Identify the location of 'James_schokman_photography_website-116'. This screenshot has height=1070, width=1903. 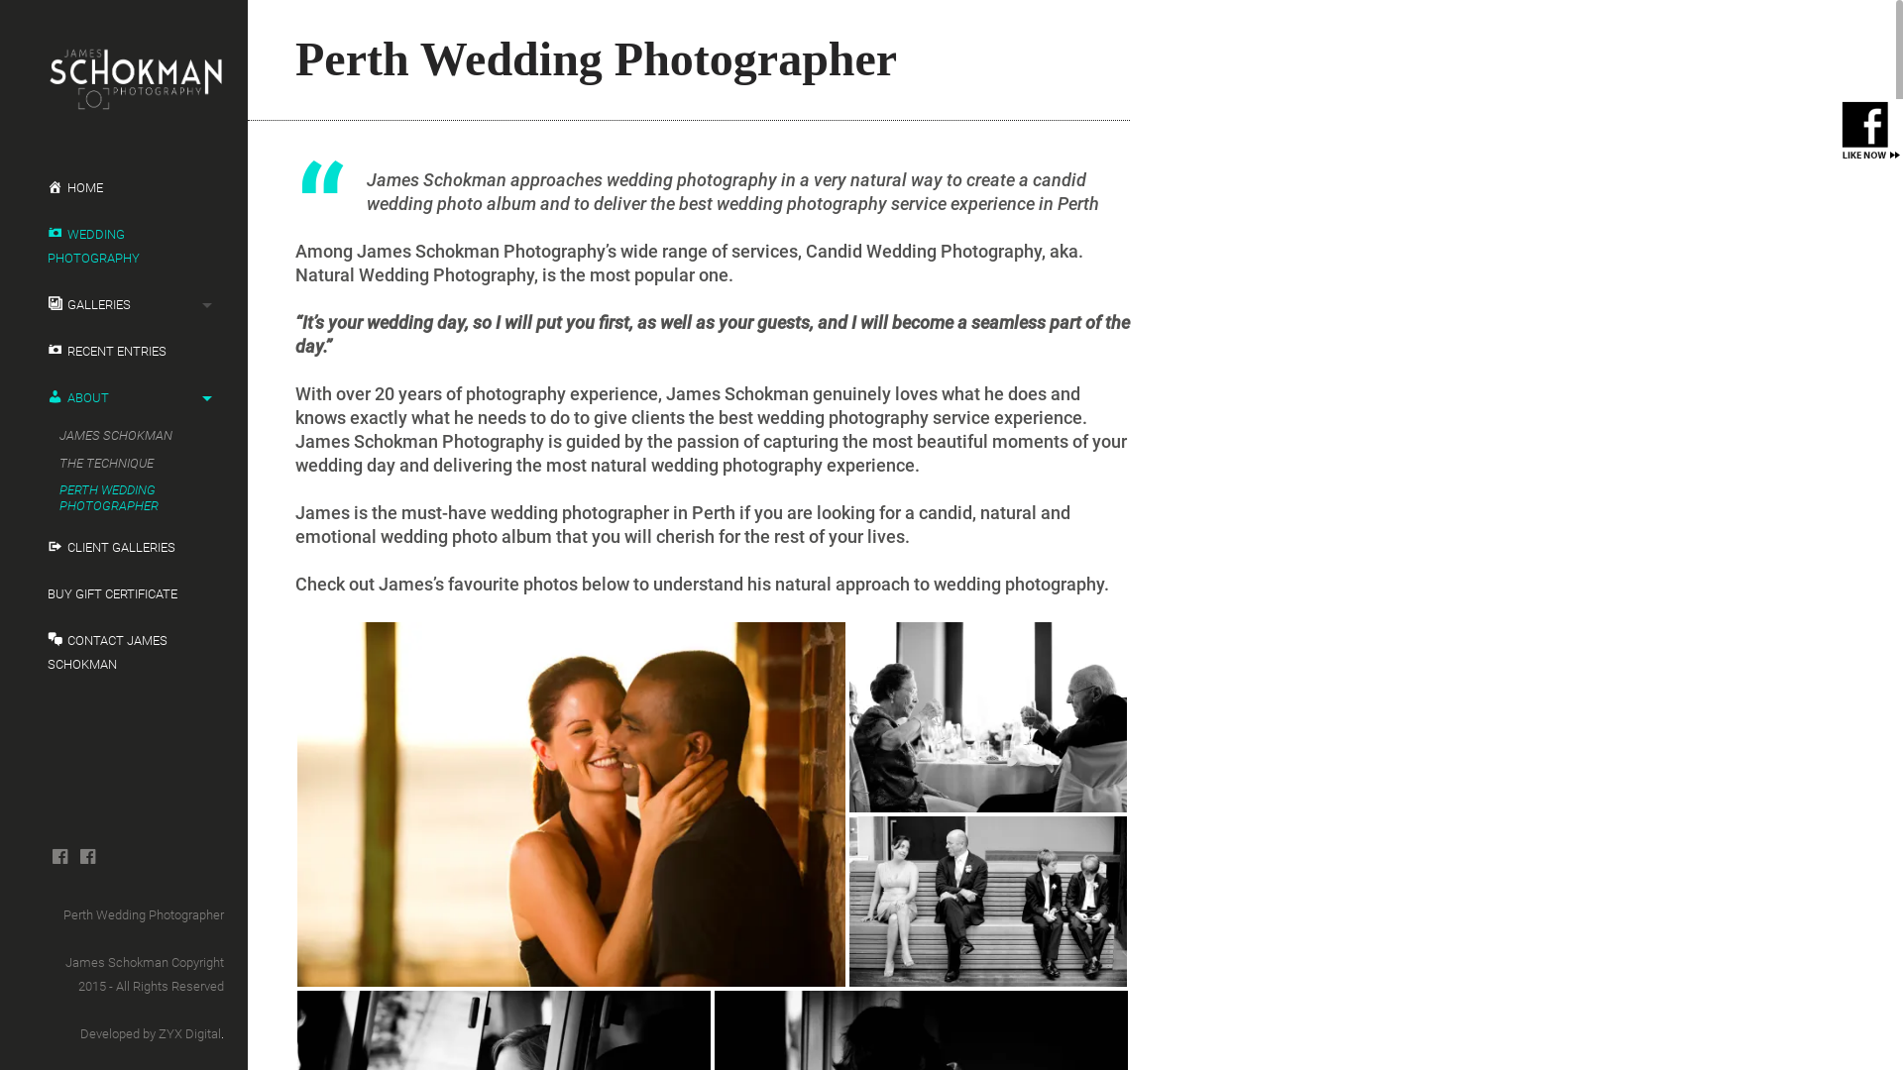
(988, 717).